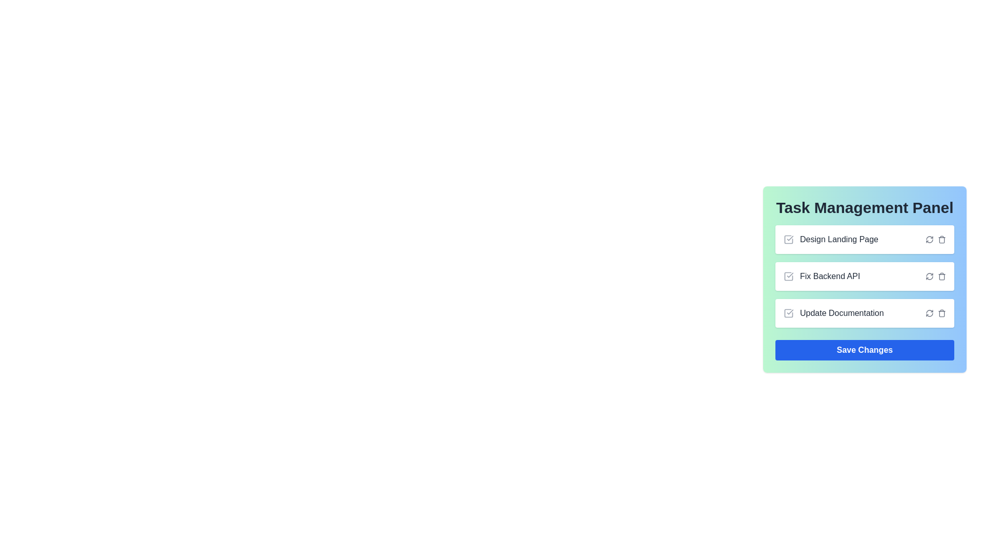  Describe the element at coordinates (942, 313) in the screenshot. I see `the delete button with a trash icon located at the right edge of the 'Update Documentation' task in the 'Task Management Panel'` at that location.